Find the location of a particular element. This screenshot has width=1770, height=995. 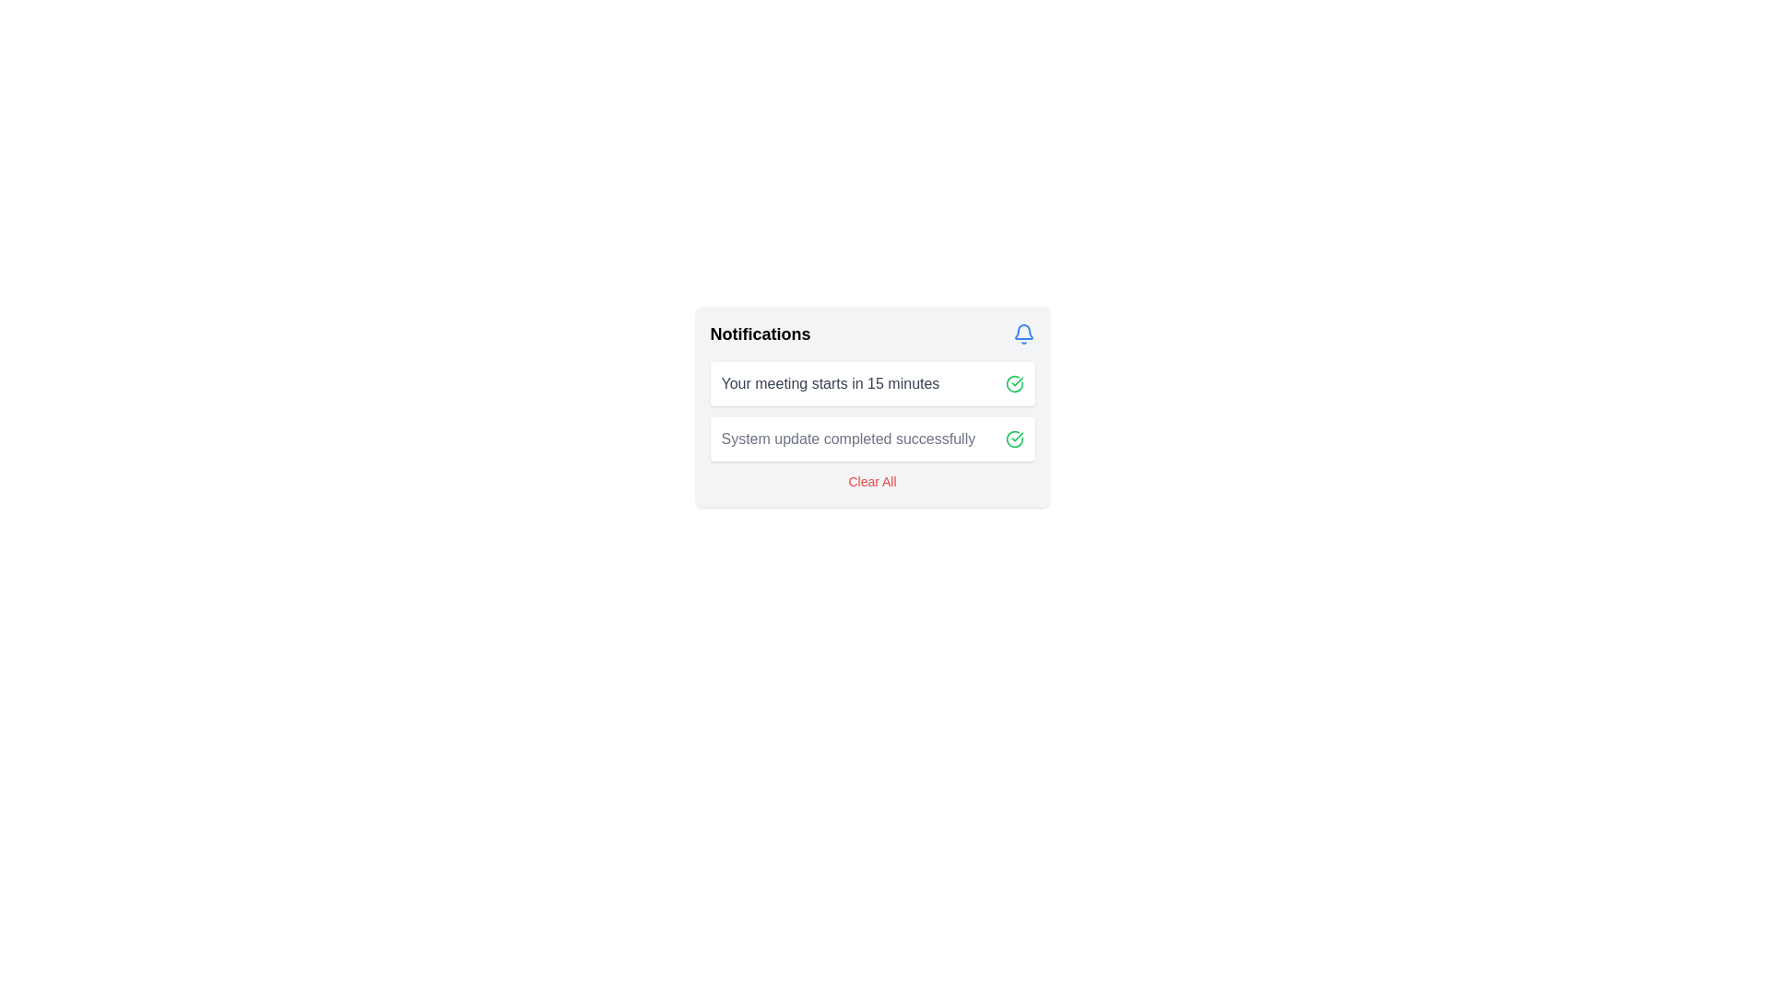

the static text element that displays 'Your meeting starts in 15 minutes', which is styled with medium font weight and gray color, located within a notification card is located at coordinates (829, 382).